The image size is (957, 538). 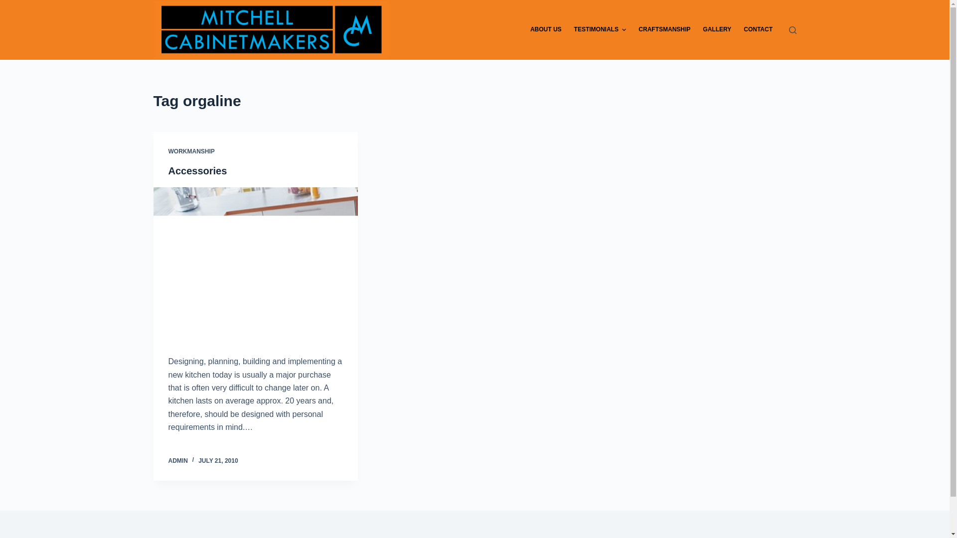 I want to click on 'ABOUT US', so click(x=545, y=29).